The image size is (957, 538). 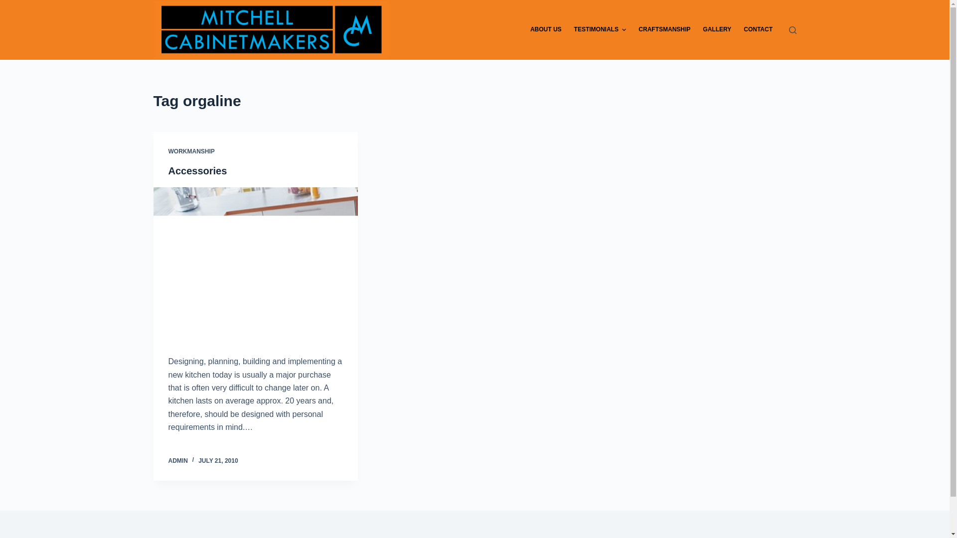 I want to click on 'ABOUT US', so click(x=545, y=29).